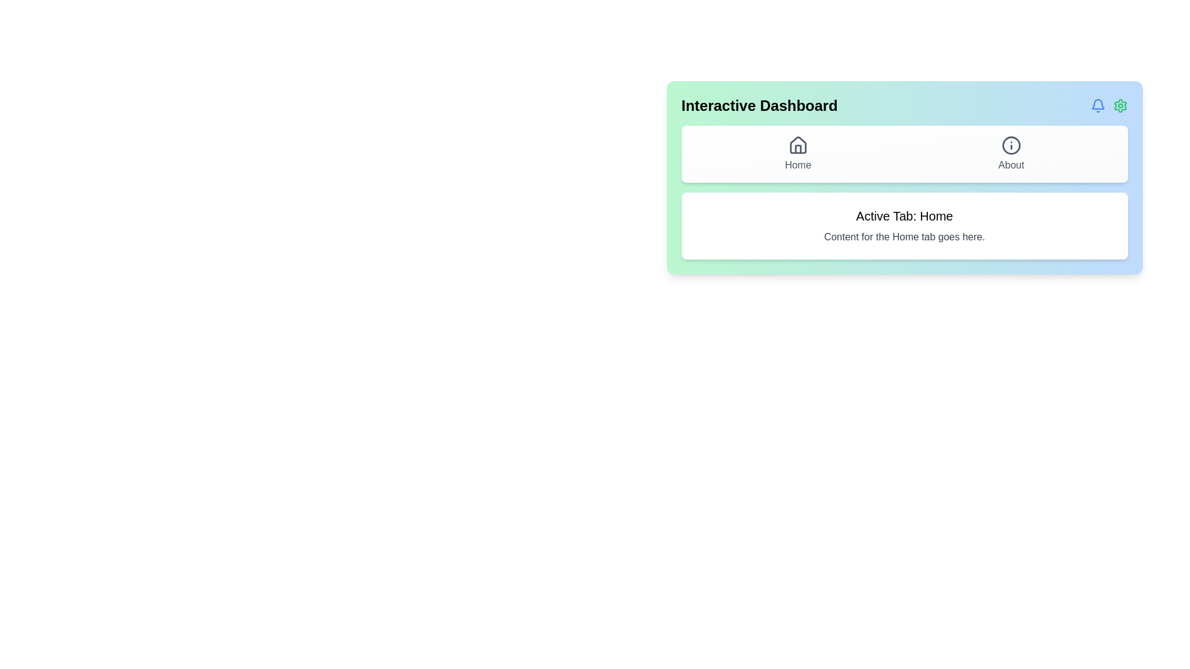  What do you see at coordinates (1098, 105) in the screenshot?
I see `the notification bell icon located at the top-right corner of the interface` at bounding box center [1098, 105].